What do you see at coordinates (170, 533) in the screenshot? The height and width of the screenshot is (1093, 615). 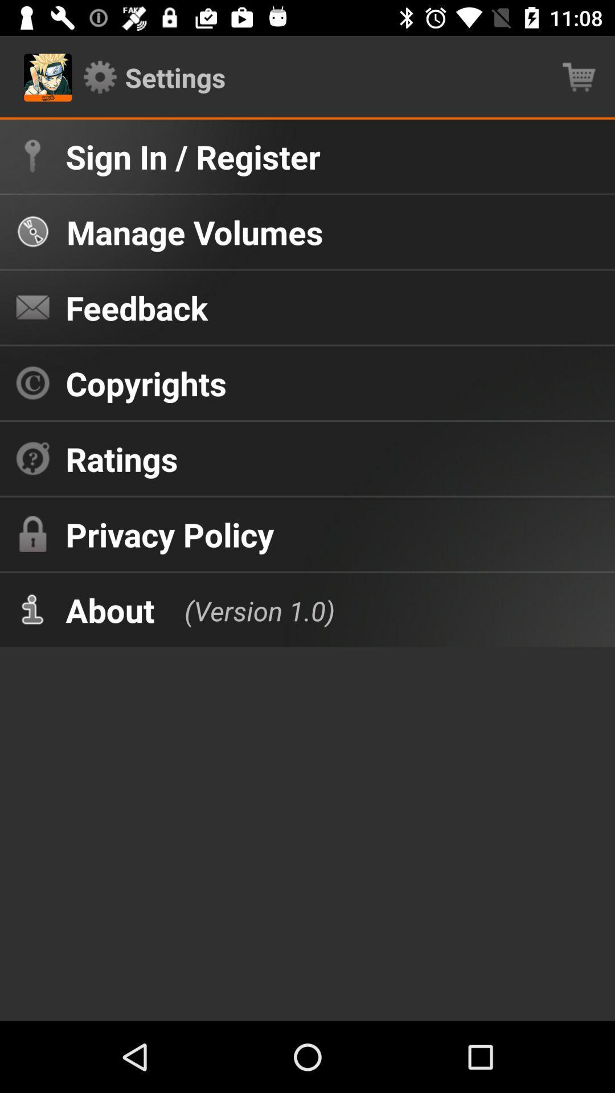 I see `icon above about item` at bounding box center [170, 533].